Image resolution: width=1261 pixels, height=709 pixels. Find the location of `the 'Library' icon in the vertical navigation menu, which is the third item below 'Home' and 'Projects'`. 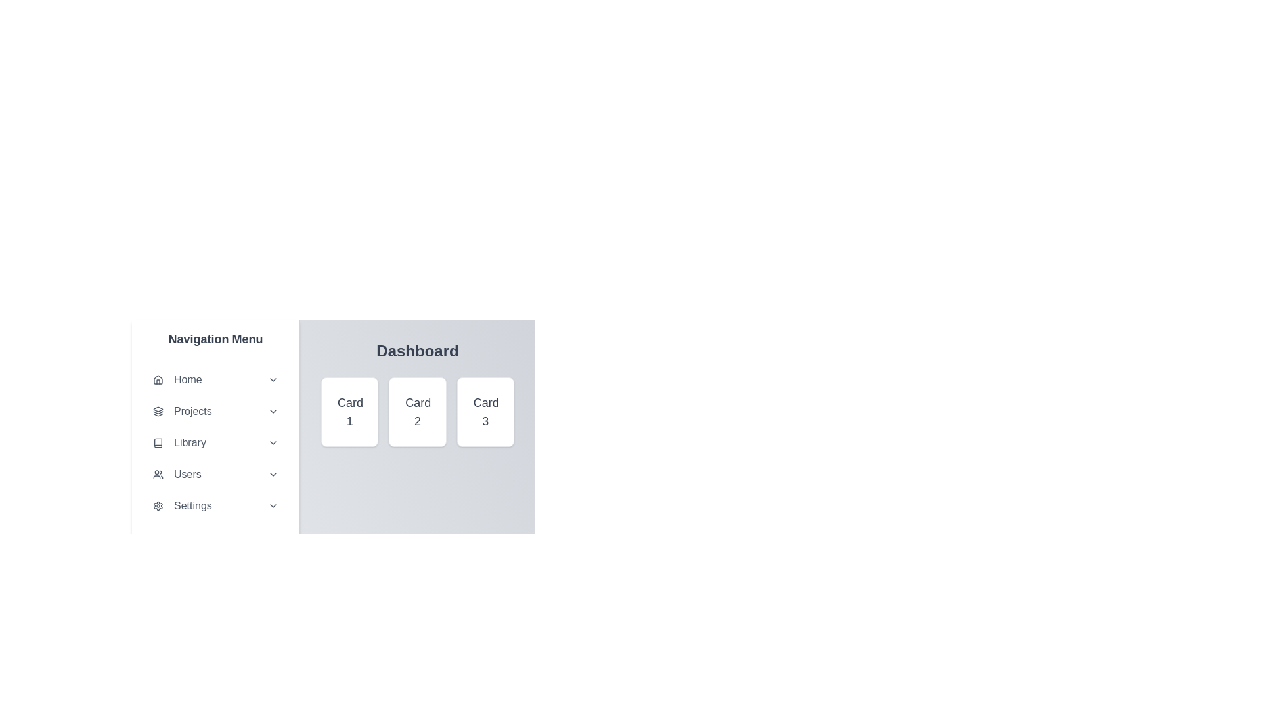

the 'Library' icon in the vertical navigation menu, which is the third item below 'Home' and 'Projects' is located at coordinates (158, 443).